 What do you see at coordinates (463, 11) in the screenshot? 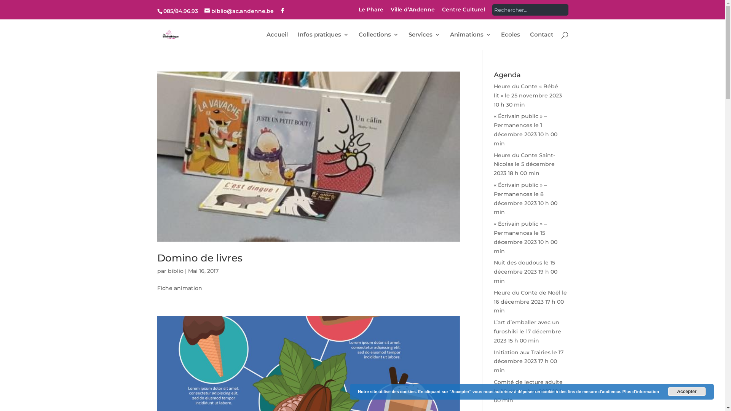
I see `'Centre Culturel'` at bounding box center [463, 11].